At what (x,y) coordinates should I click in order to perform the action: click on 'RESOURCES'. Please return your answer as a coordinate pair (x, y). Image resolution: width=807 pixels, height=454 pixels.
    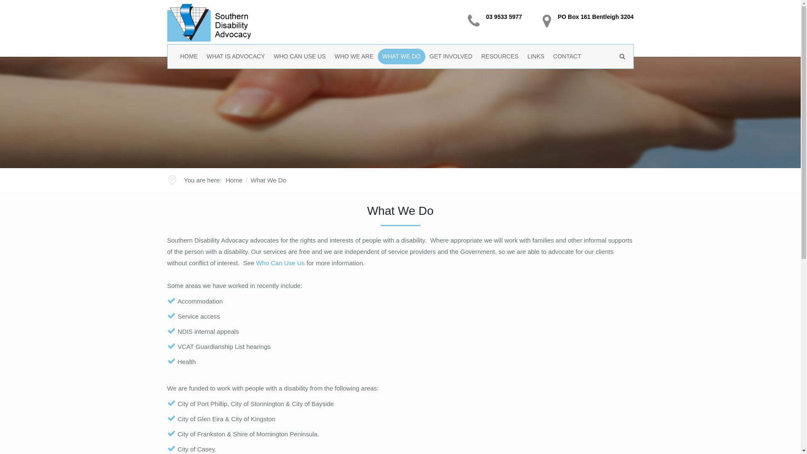
    Looking at the image, I should click on (500, 56).